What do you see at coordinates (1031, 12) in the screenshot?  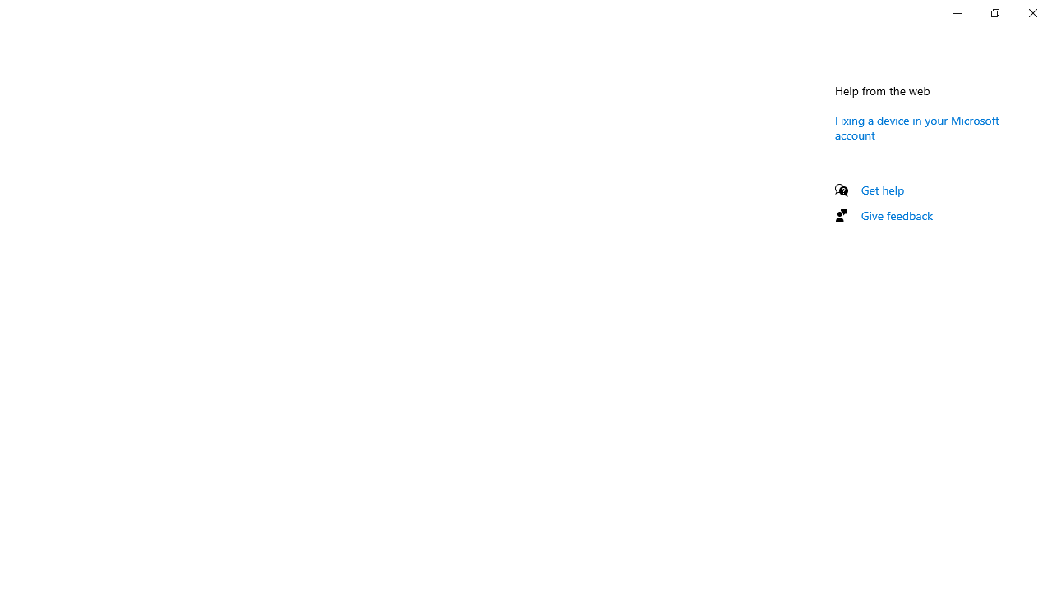 I see `'Close Settings'` at bounding box center [1031, 12].